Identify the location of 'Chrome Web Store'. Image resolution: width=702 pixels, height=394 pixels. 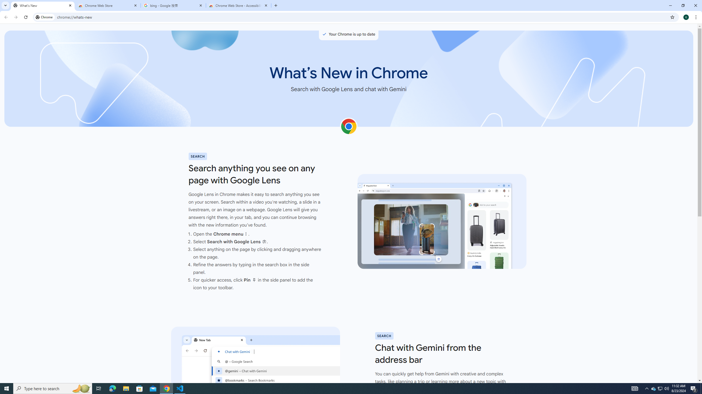
(108, 5).